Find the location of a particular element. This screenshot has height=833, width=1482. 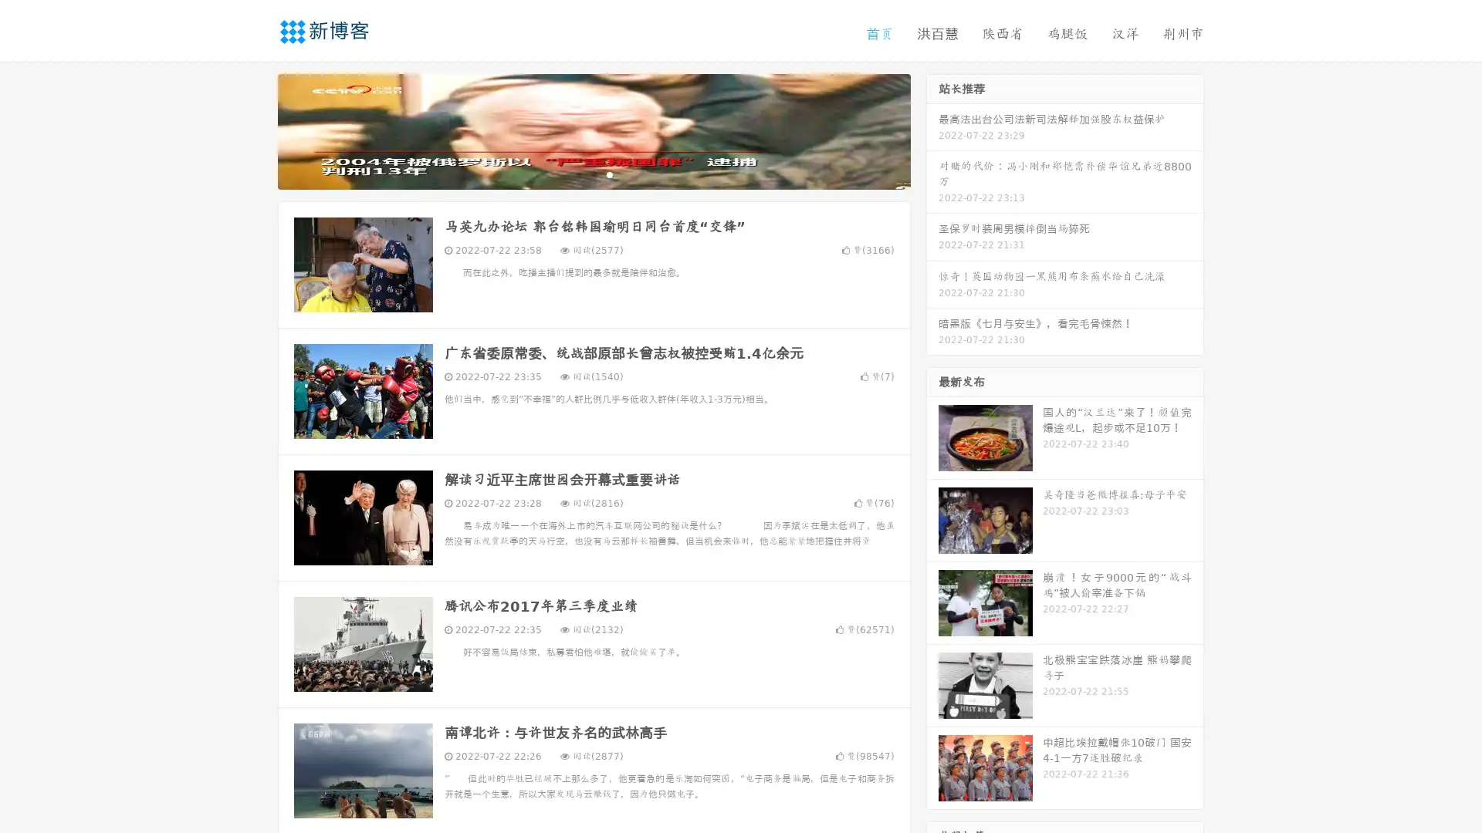

Go to slide 2 is located at coordinates (593, 174).